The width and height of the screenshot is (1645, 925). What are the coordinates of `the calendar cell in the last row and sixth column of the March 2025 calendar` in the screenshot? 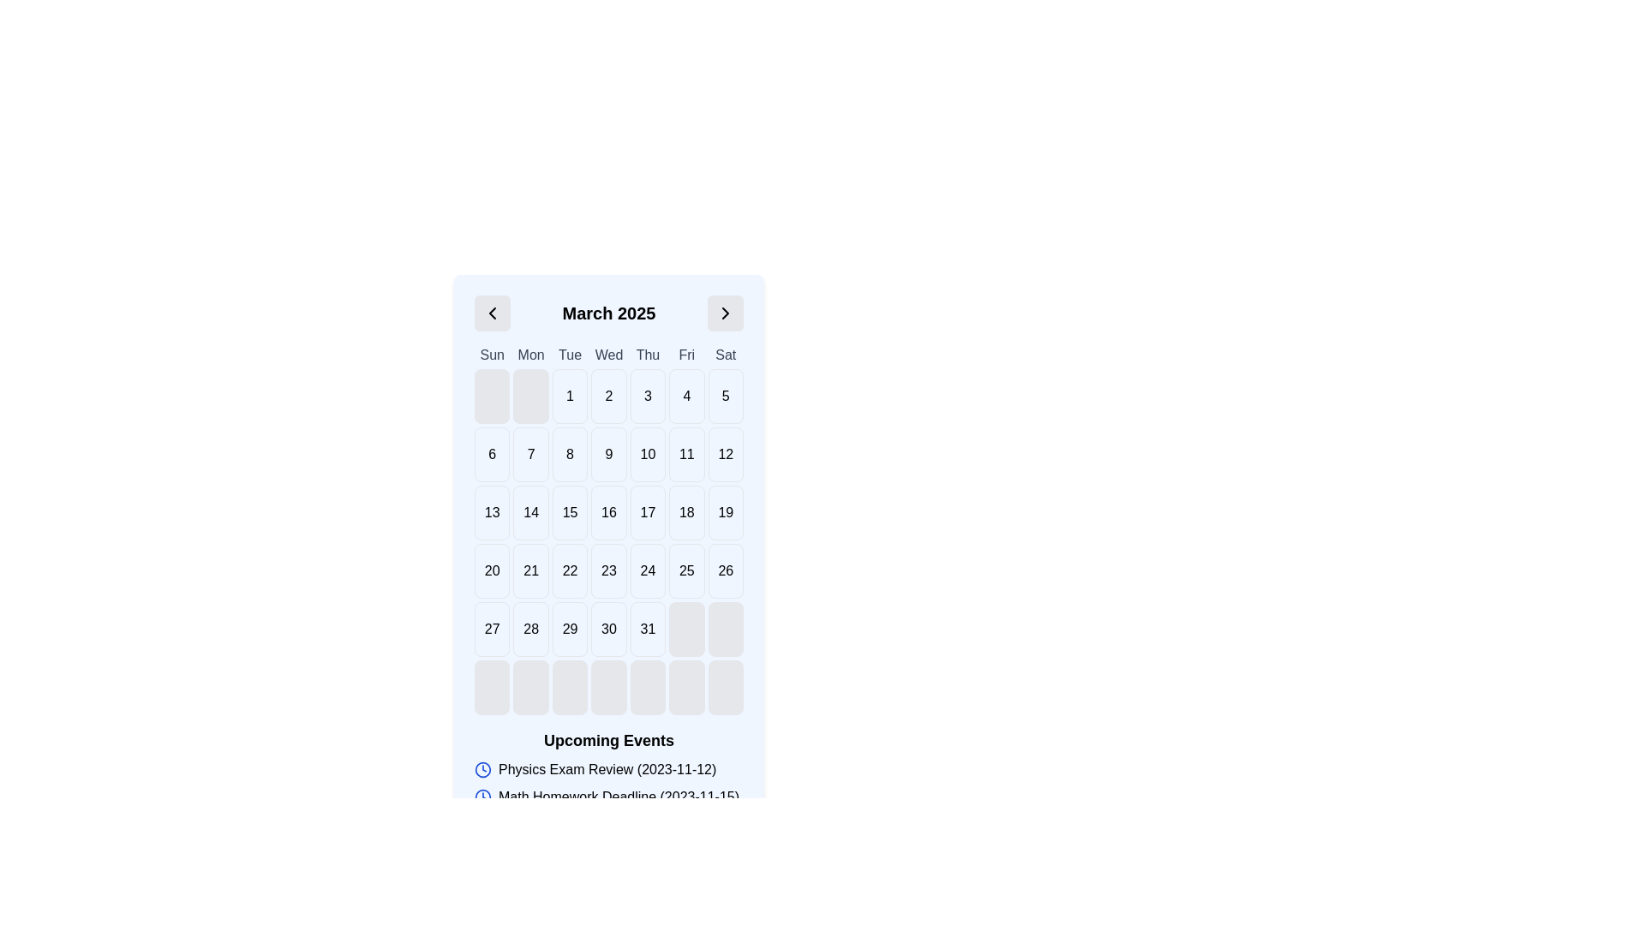 It's located at (608, 630).